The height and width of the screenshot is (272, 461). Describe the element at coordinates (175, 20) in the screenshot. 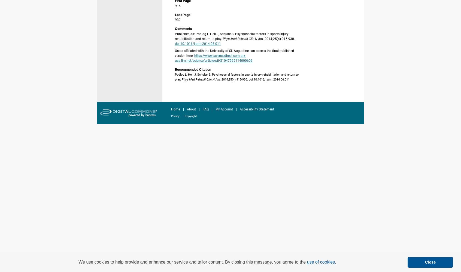

I see `'930'` at that location.